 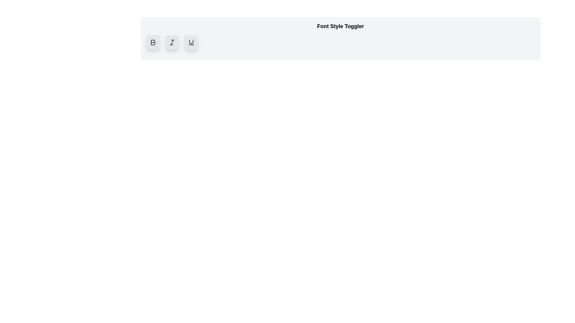 What do you see at coordinates (172, 42) in the screenshot?
I see `the white circular button with a black italicized 'I' symbol` at bounding box center [172, 42].